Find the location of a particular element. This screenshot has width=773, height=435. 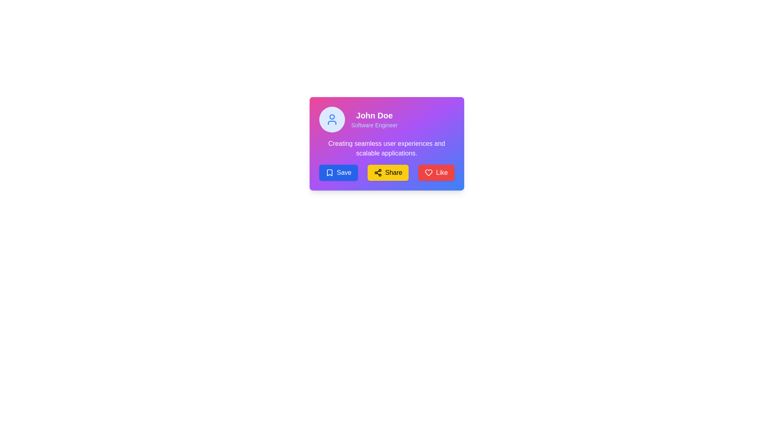

the middle button in the horizontal row of three buttons is located at coordinates (388, 172).